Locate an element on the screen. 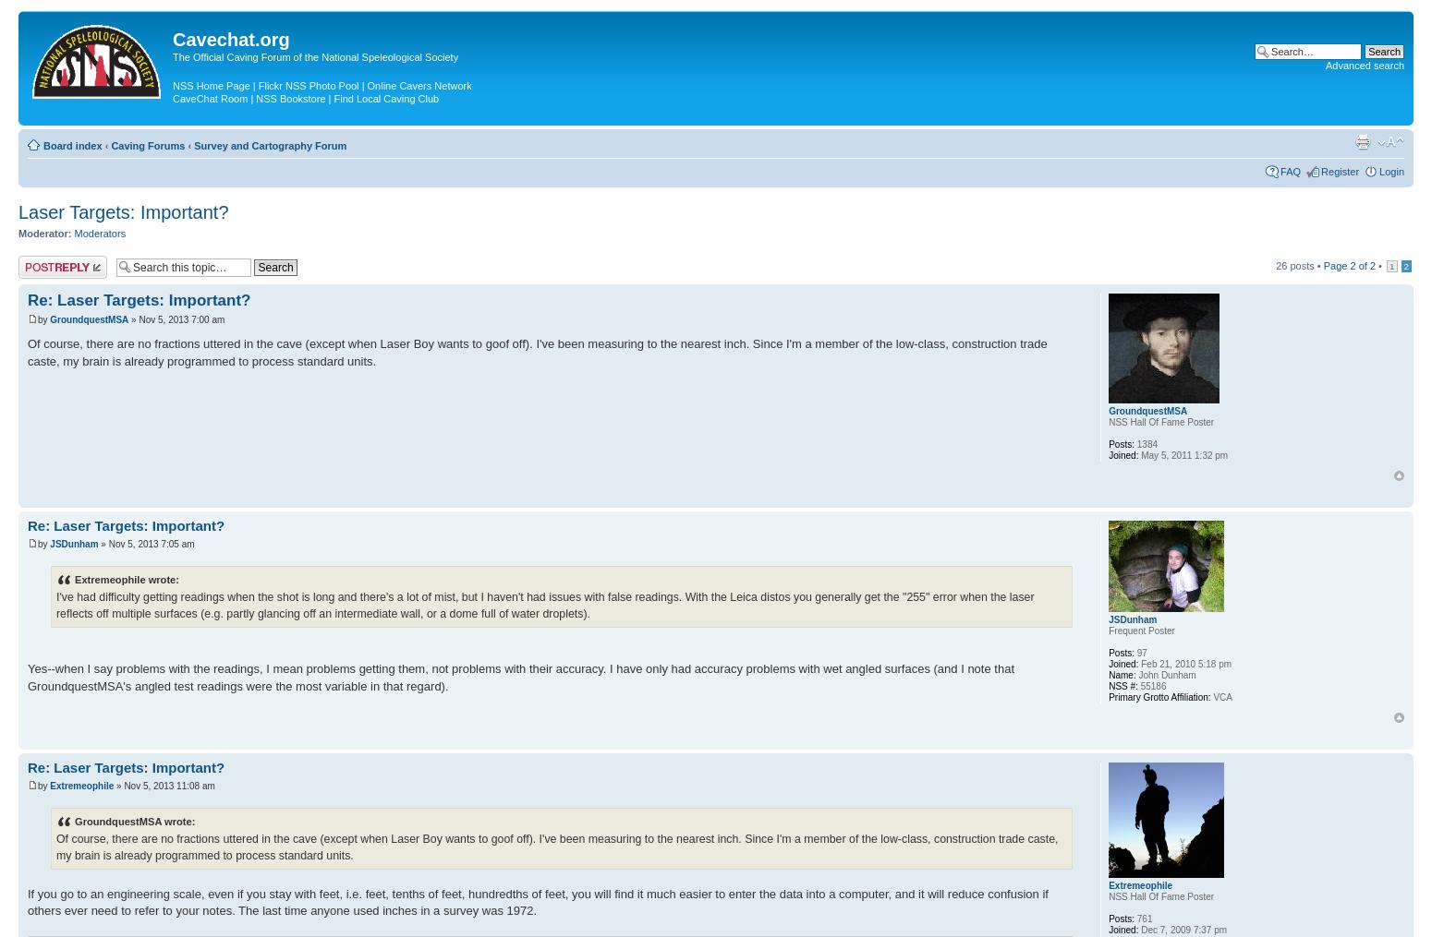  'Laser Targets: Important?' is located at coordinates (17, 211).